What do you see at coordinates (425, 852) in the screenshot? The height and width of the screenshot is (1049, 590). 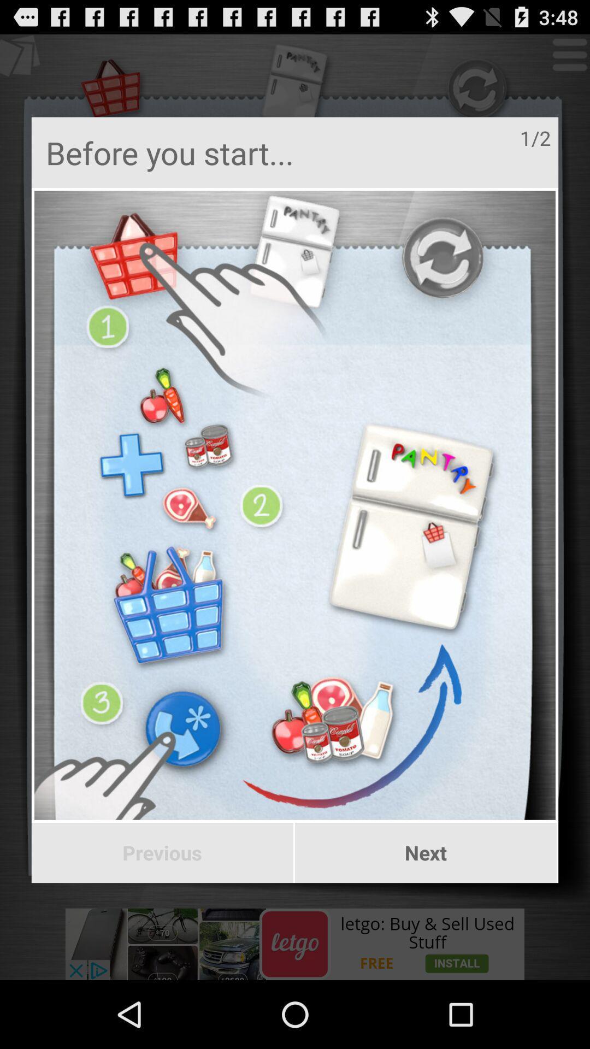 I see `the next icon` at bounding box center [425, 852].